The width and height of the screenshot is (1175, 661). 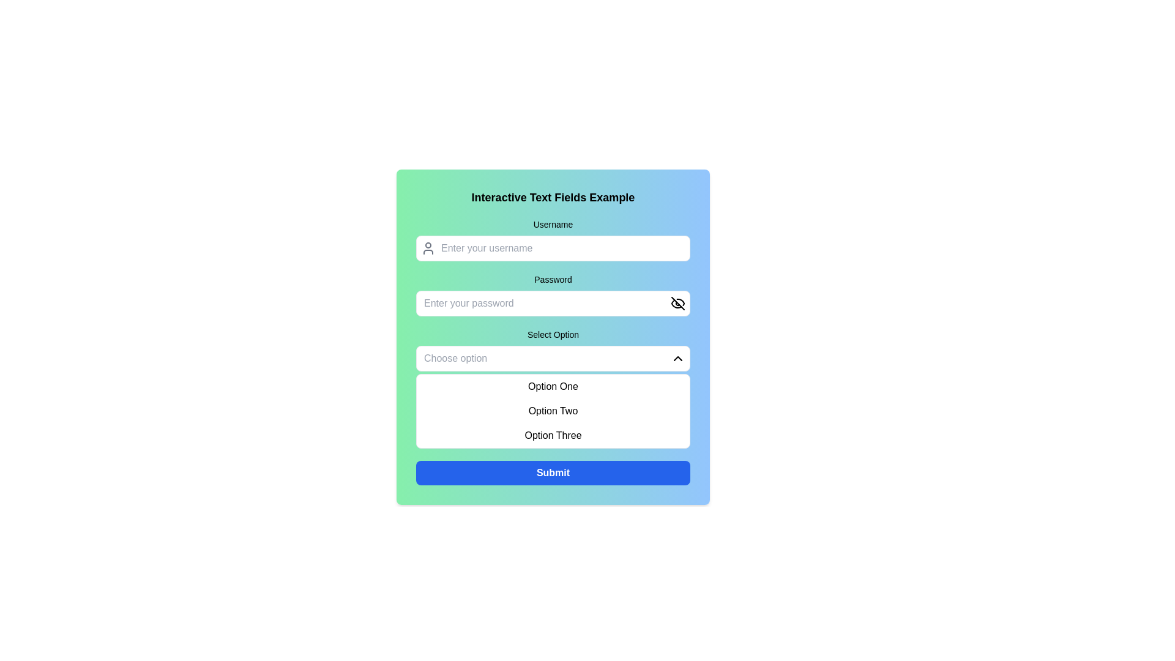 What do you see at coordinates (428, 248) in the screenshot?
I see `the minimalistic profile icon located to the left of the 'Enter your username' text input placeholder` at bounding box center [428, 248].